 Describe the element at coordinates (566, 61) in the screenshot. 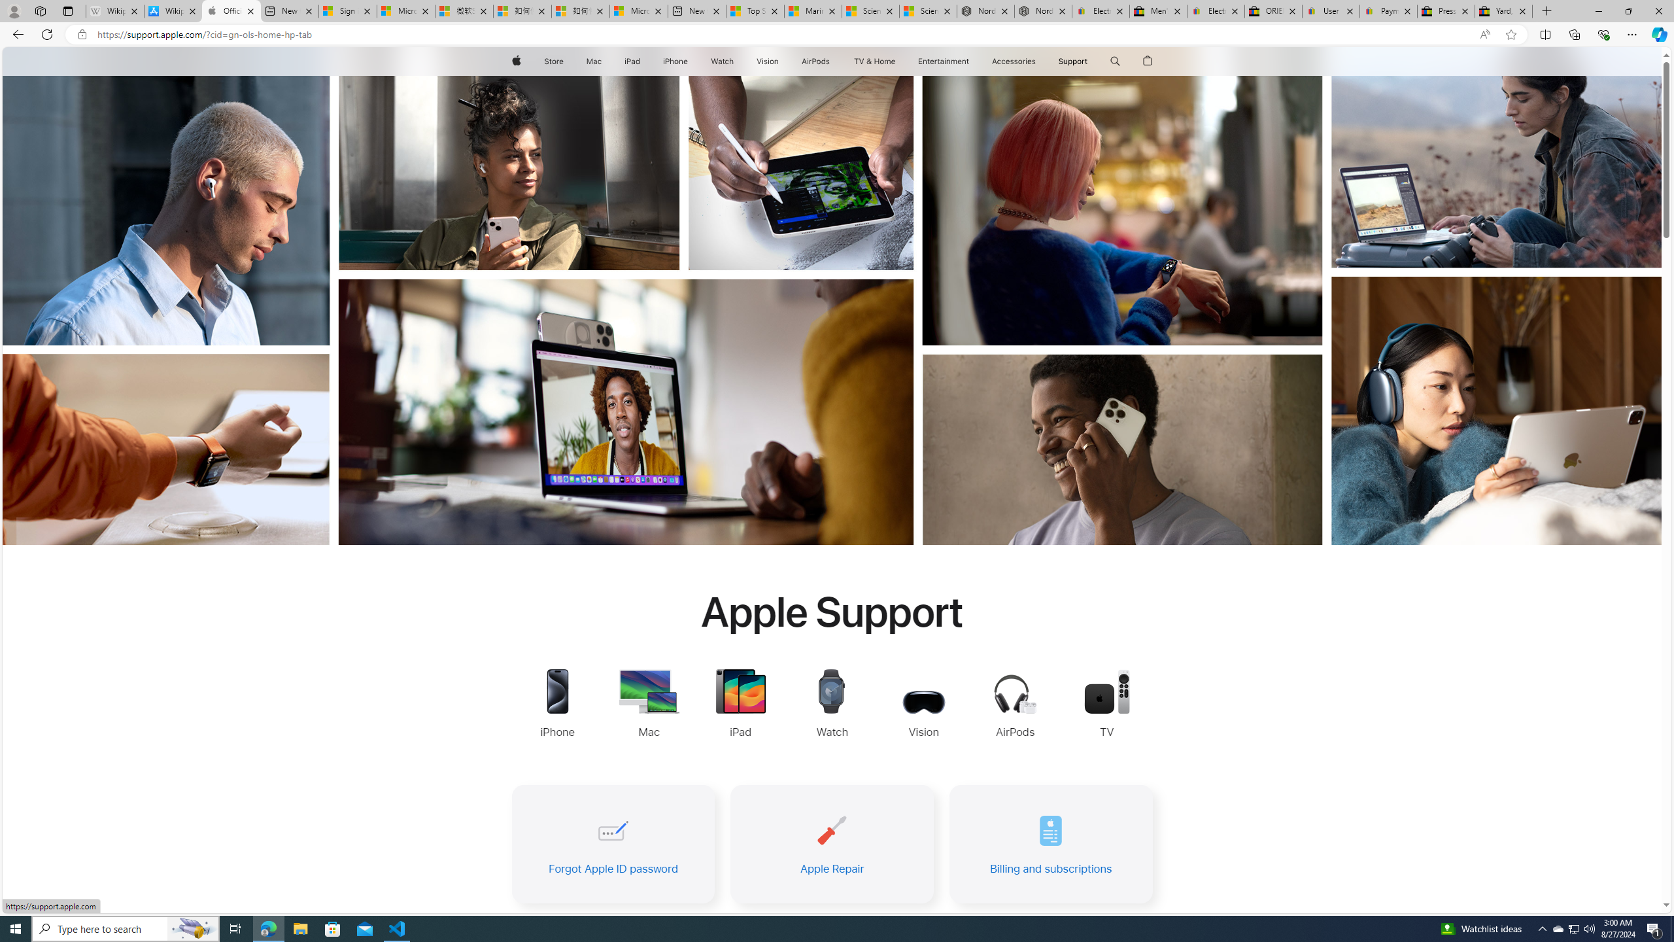

I see `'Store menu'` at that location.